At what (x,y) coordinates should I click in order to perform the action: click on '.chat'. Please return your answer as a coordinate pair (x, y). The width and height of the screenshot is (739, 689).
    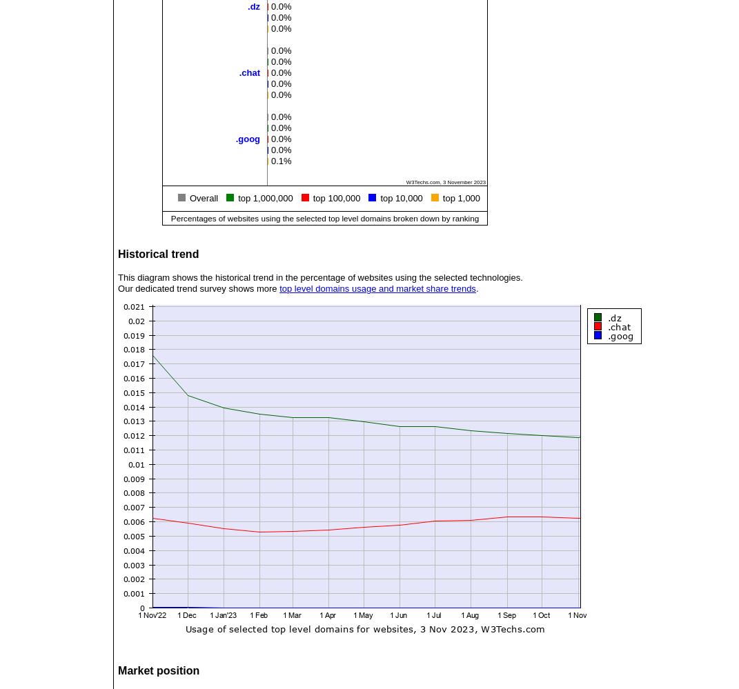
    Looking at the image, I should click on (248, 72).